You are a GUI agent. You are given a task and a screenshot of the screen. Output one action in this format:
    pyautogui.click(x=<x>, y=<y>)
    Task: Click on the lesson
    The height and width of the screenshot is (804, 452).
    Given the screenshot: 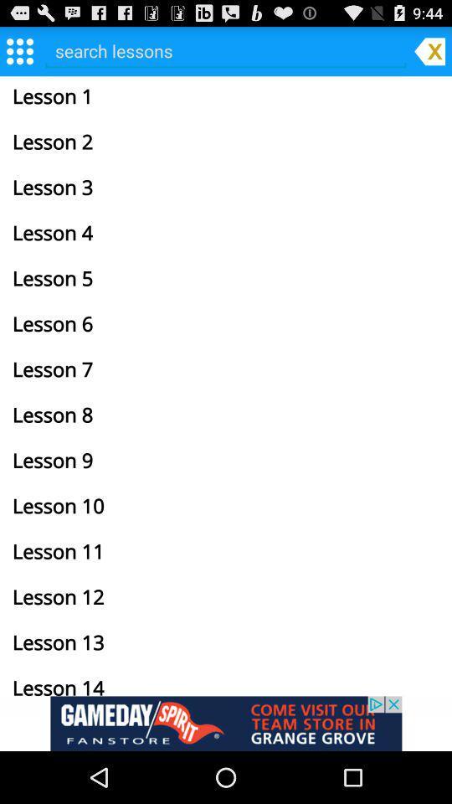 What is the action you would take?
    pyautogui.click(x=226, y=49)
    